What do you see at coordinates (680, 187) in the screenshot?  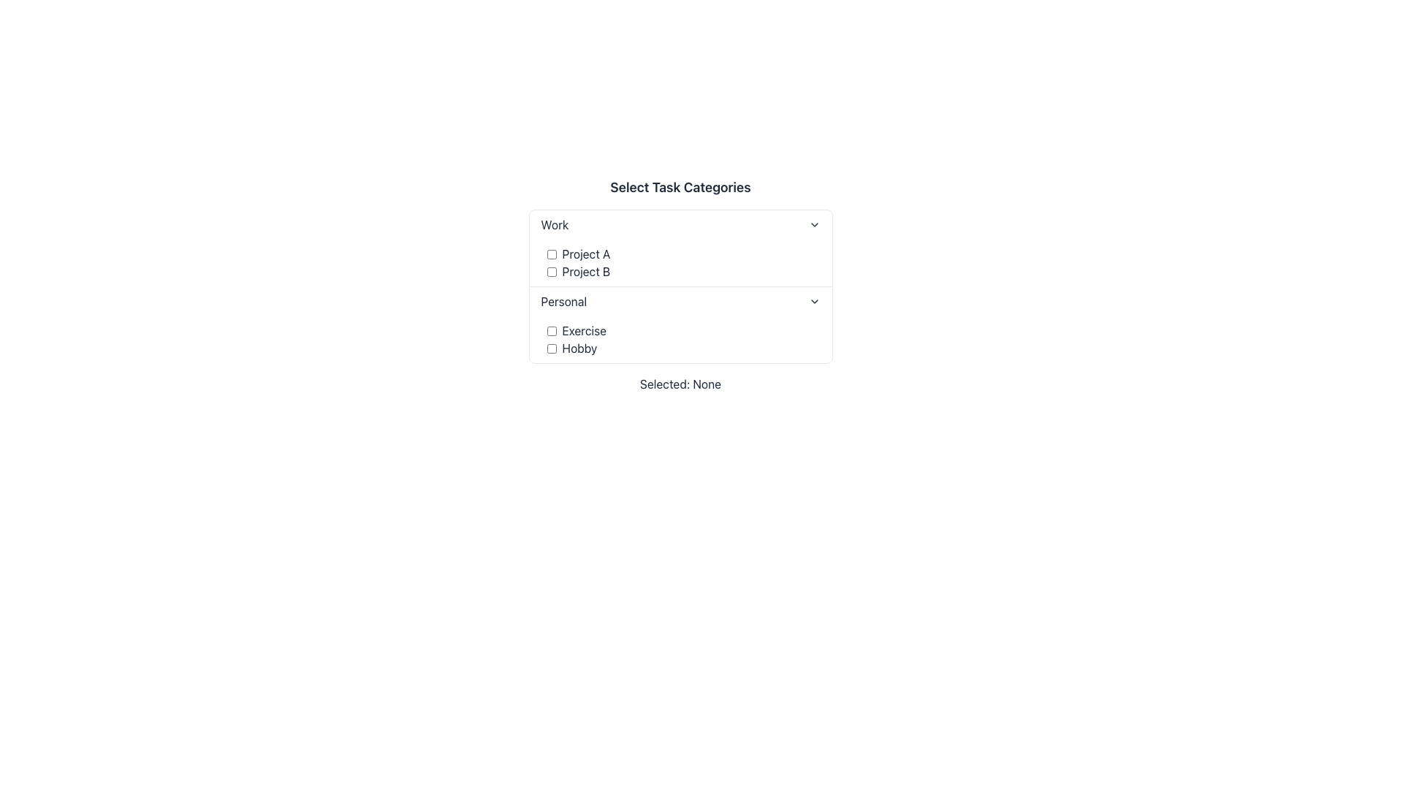 I see `the static text label reading 'Select Task Categories', which is displayed in bold and larger font size and serves as a heading for the task categorization section` at bounding box center [680, 187].